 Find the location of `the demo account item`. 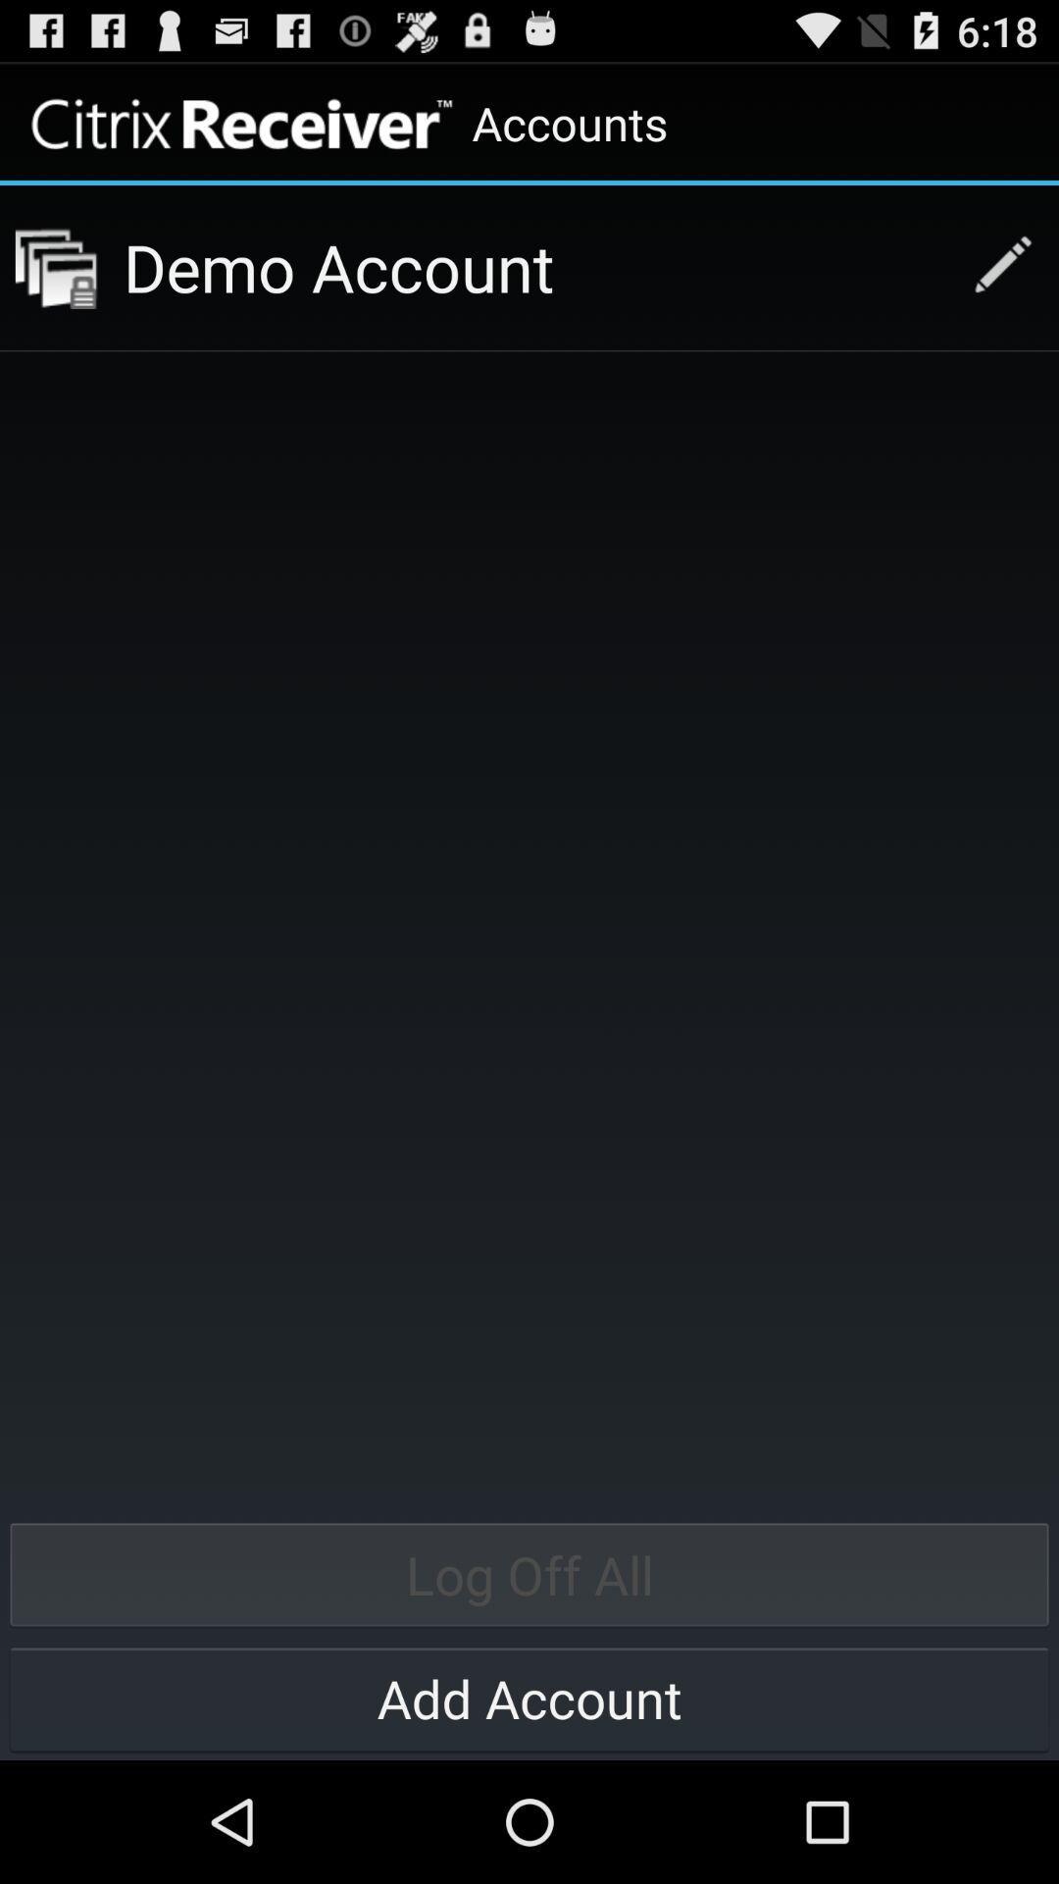

the demo account item is located at coordinates (532, 266).